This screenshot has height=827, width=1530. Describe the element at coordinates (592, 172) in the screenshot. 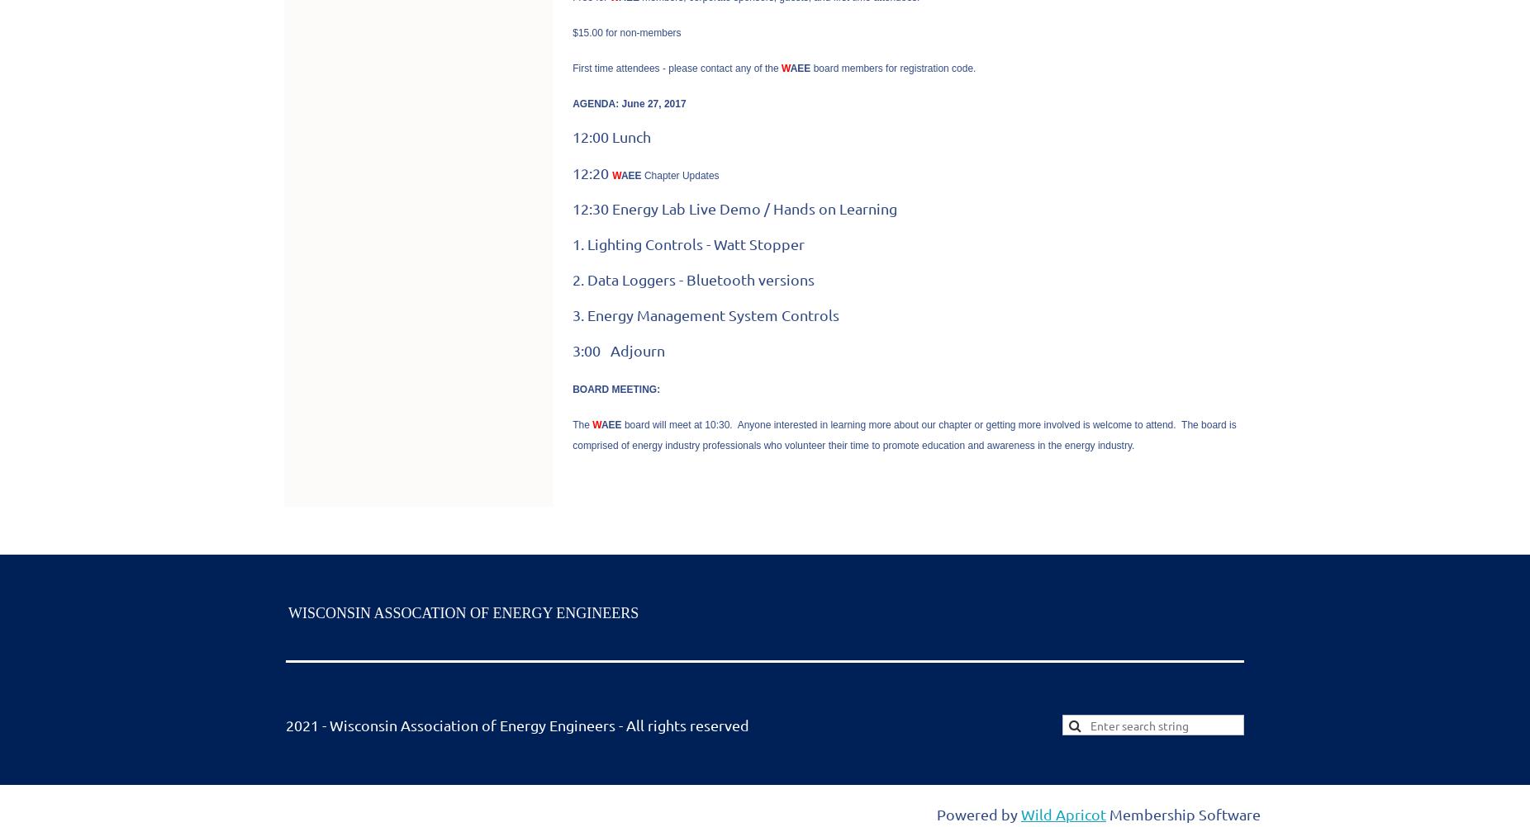

I see `'12:20'` at that location.